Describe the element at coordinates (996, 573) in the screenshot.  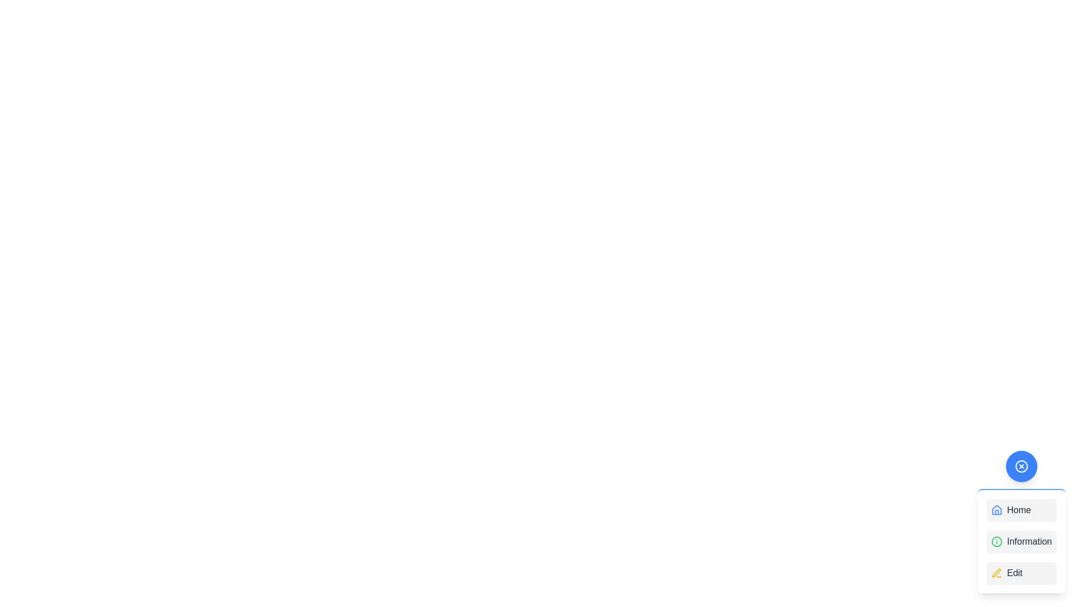
I see `the editing icon located on the left side of the 'Edit' button, which is part of a vertical list of options including 'Home', 'Information', and 'Edit' in the bottom-right corner of the interface` at that location.